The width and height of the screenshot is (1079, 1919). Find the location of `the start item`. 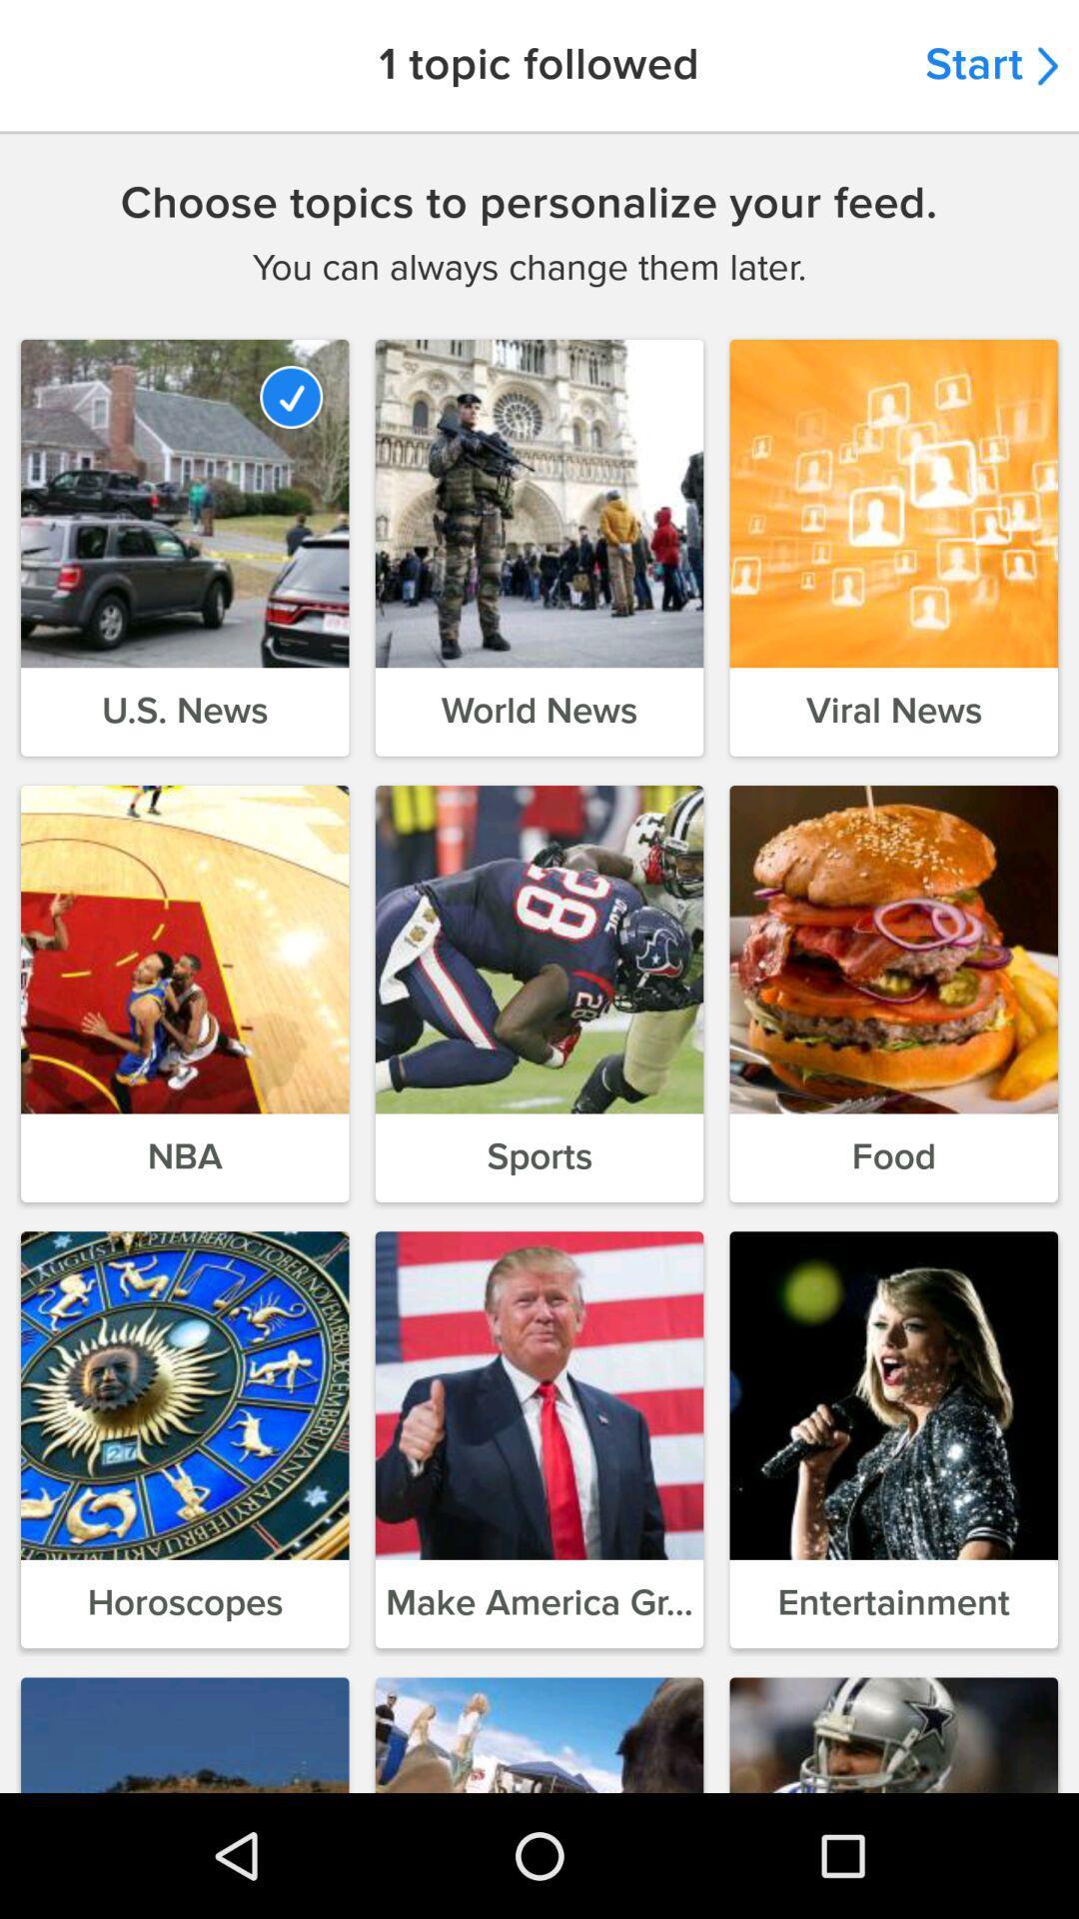

the start item is located at coordinates (991, 65).